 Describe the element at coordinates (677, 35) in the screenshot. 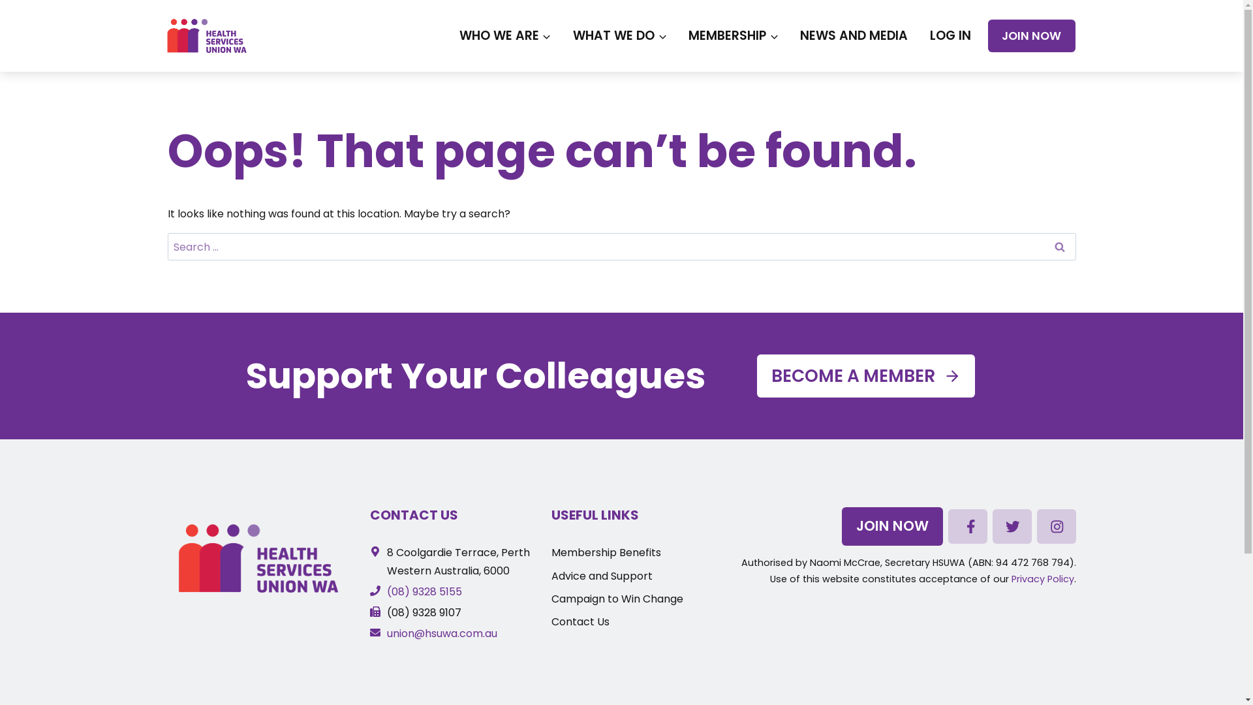

I see `'MEMBERSHIP'` at that location.